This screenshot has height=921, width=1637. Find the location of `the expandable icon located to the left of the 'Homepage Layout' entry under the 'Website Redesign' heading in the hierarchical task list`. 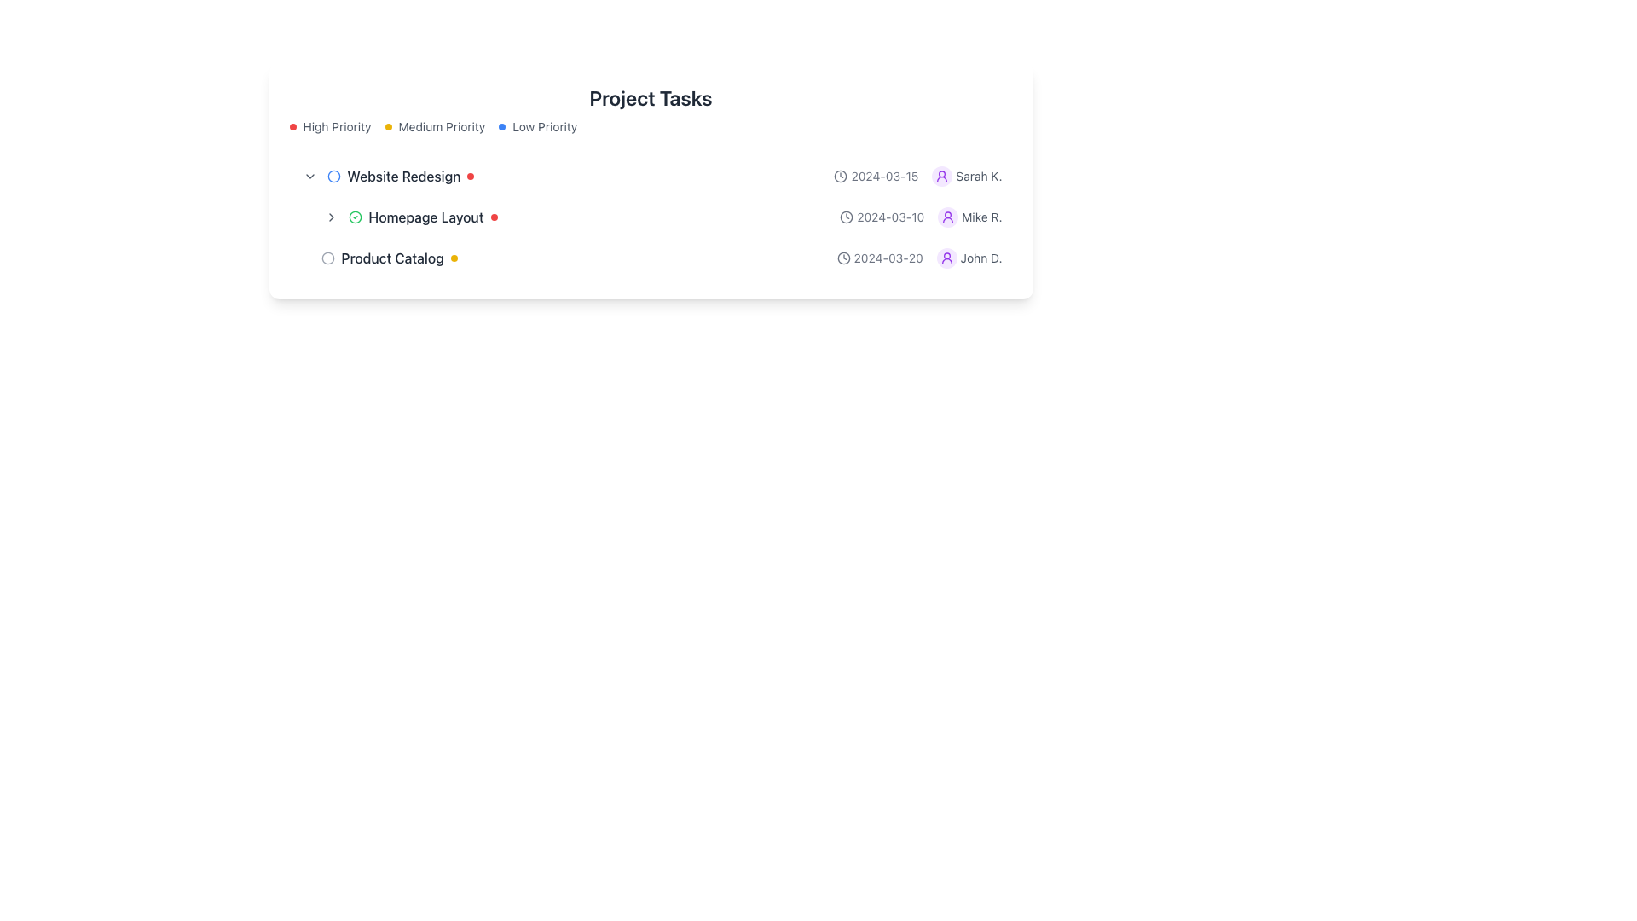

the expandable icon located to the left of the 'Homepage Layout' entry under the 'Website Redesign' heading in the hierarchical task list is located at coordinates (331, 216).